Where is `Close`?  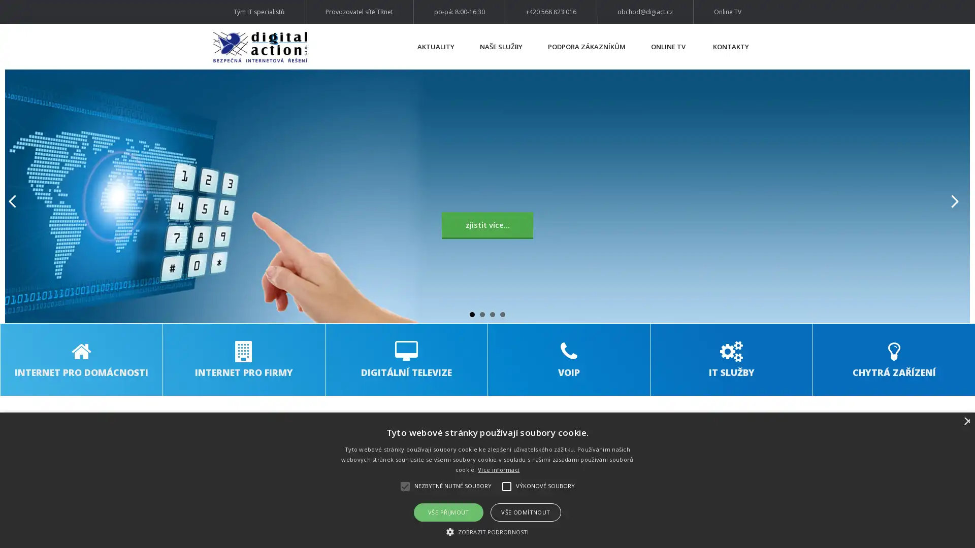
Close is located at coordinates (965, 421).